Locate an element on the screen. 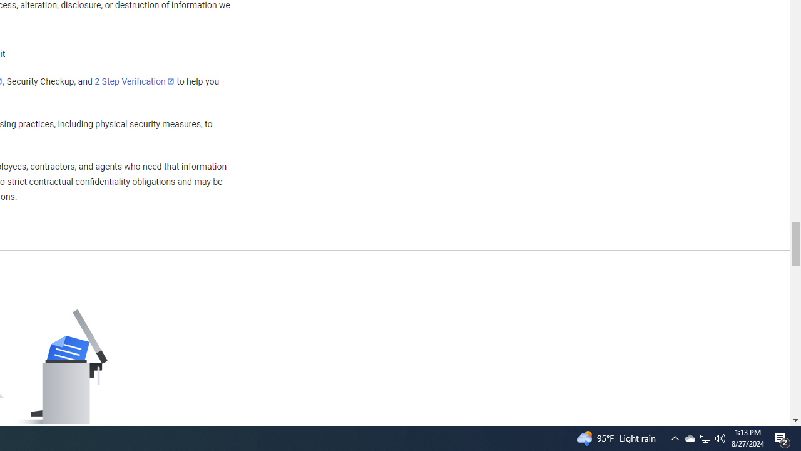 Image resolution: width=801 pixels, height=451 pixels. '2 Step Verification' is located at coordinates (135, 81).